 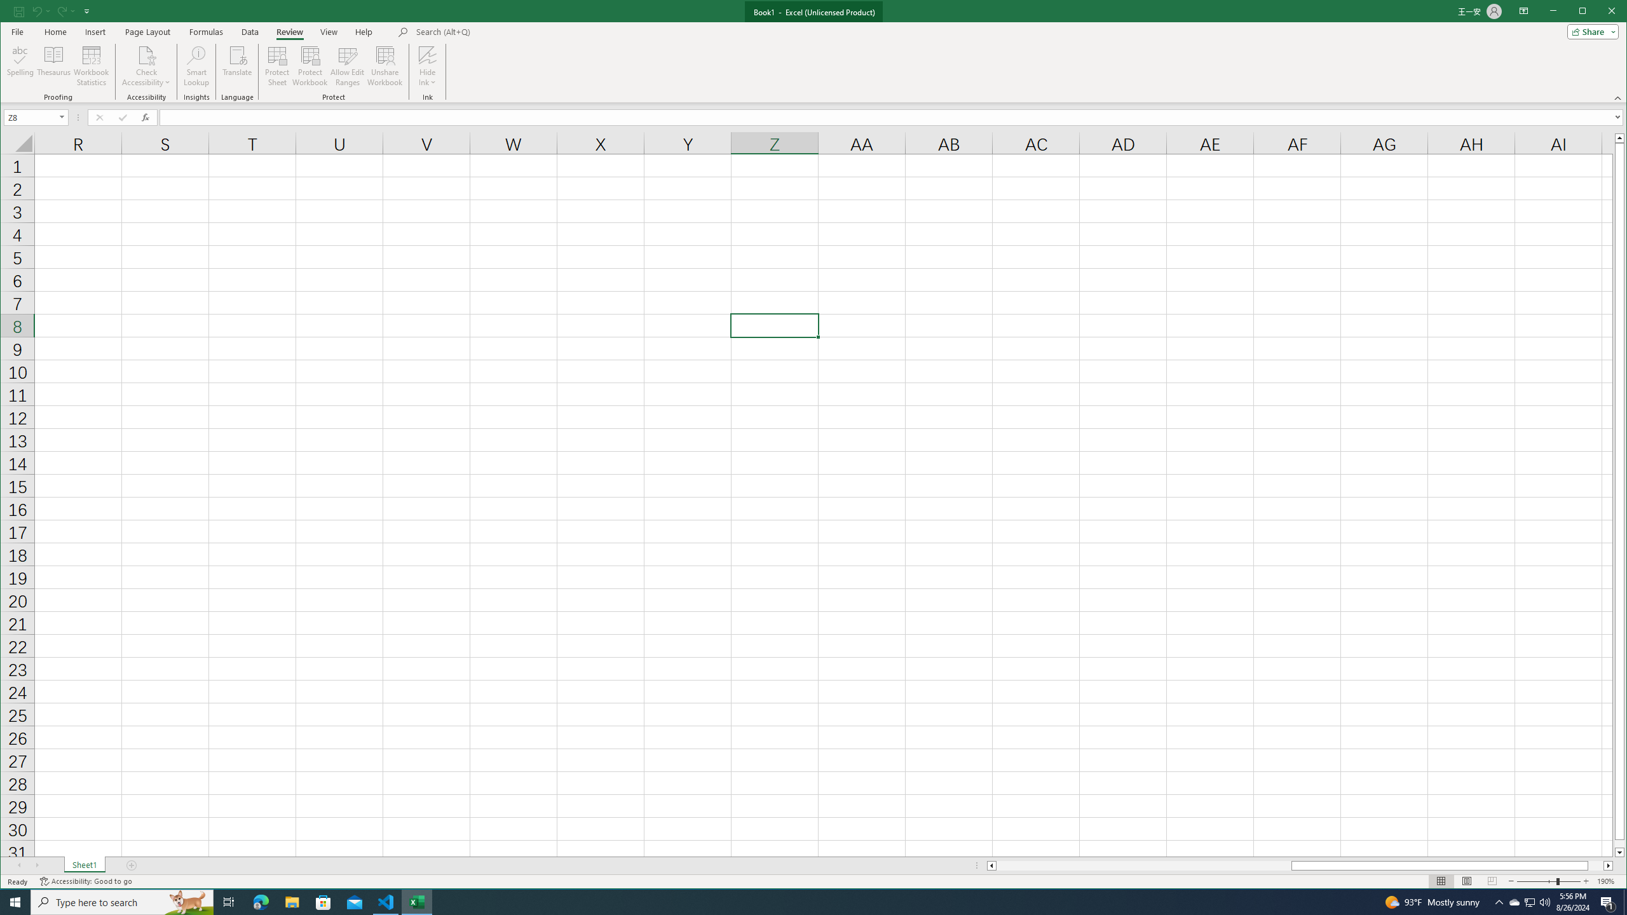 What do you see at coordinates (196, 65) in the screenshot?
I see `'Smart Lookup'` at bounding box center [196, 65].